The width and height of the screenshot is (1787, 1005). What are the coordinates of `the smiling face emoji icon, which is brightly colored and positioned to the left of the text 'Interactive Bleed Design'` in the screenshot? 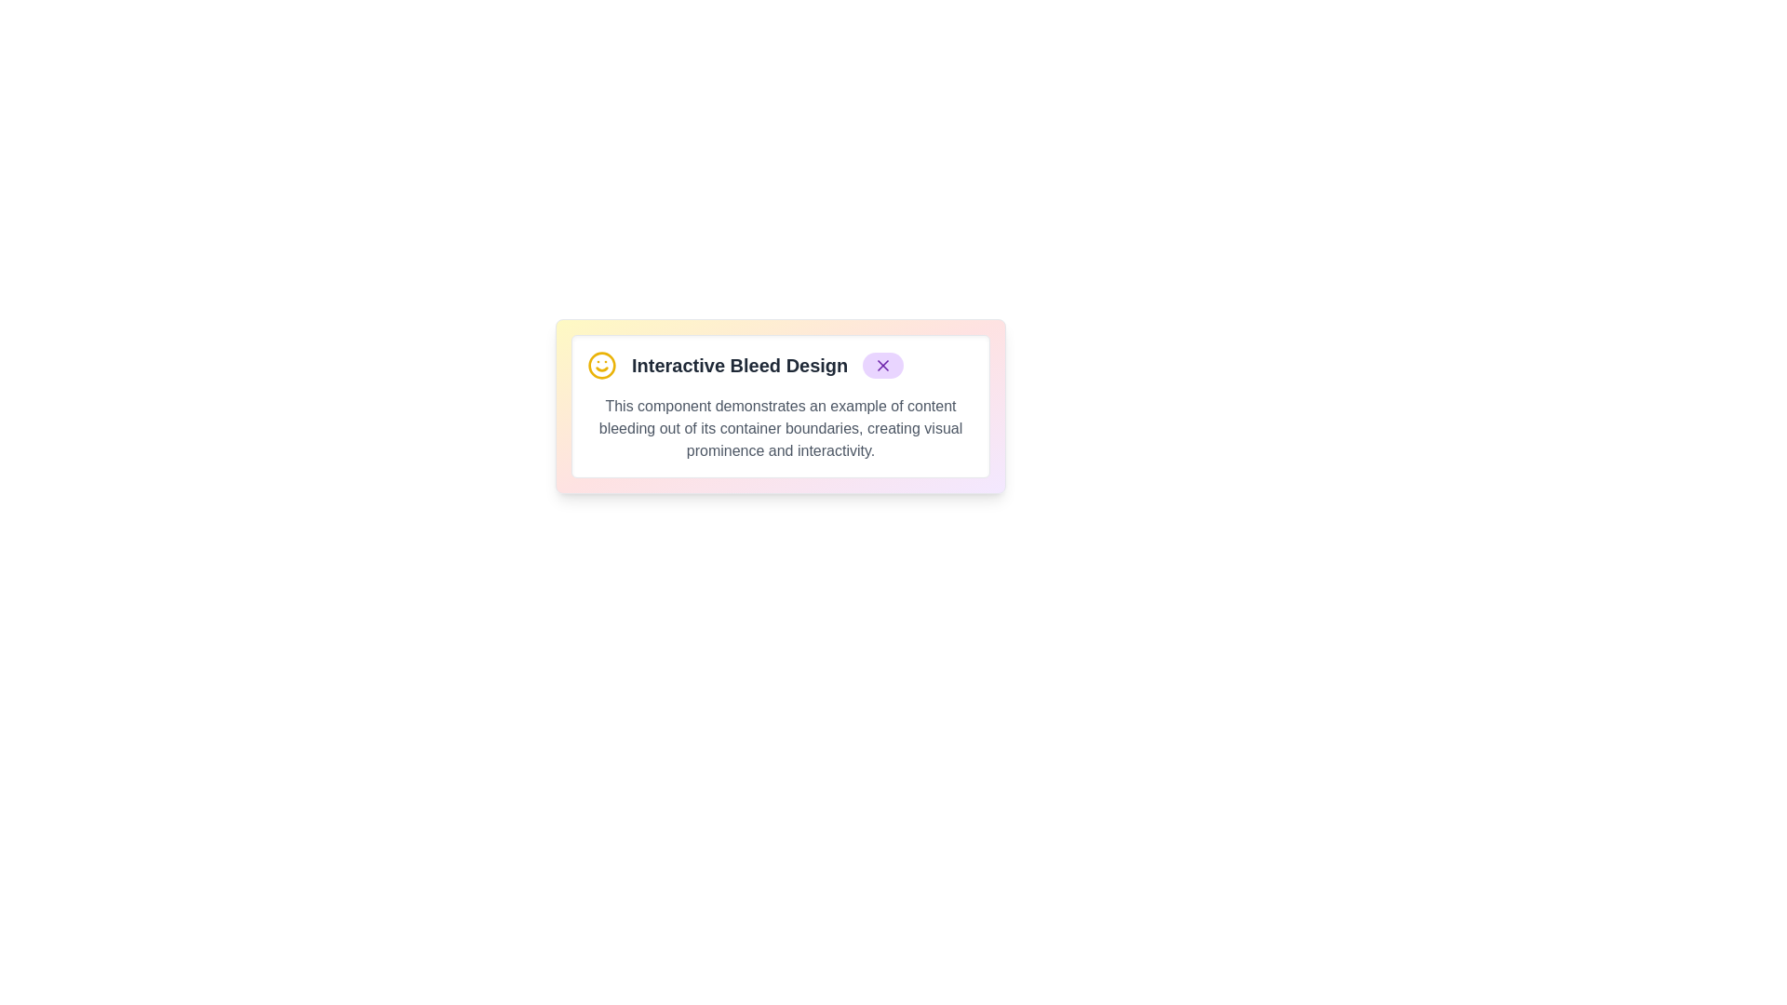 It's located at (602, 366).